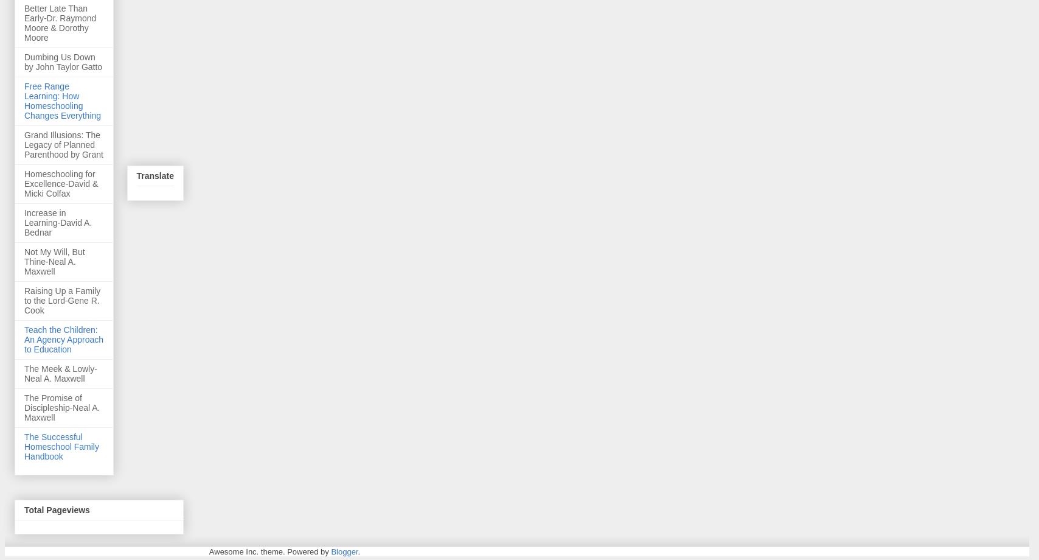  What do you see at coordinates (54, 260) in the screenshot?
I see `'Not My Will, But Thine-Neal A. Maxwell'` at bounding box center [54, 260].